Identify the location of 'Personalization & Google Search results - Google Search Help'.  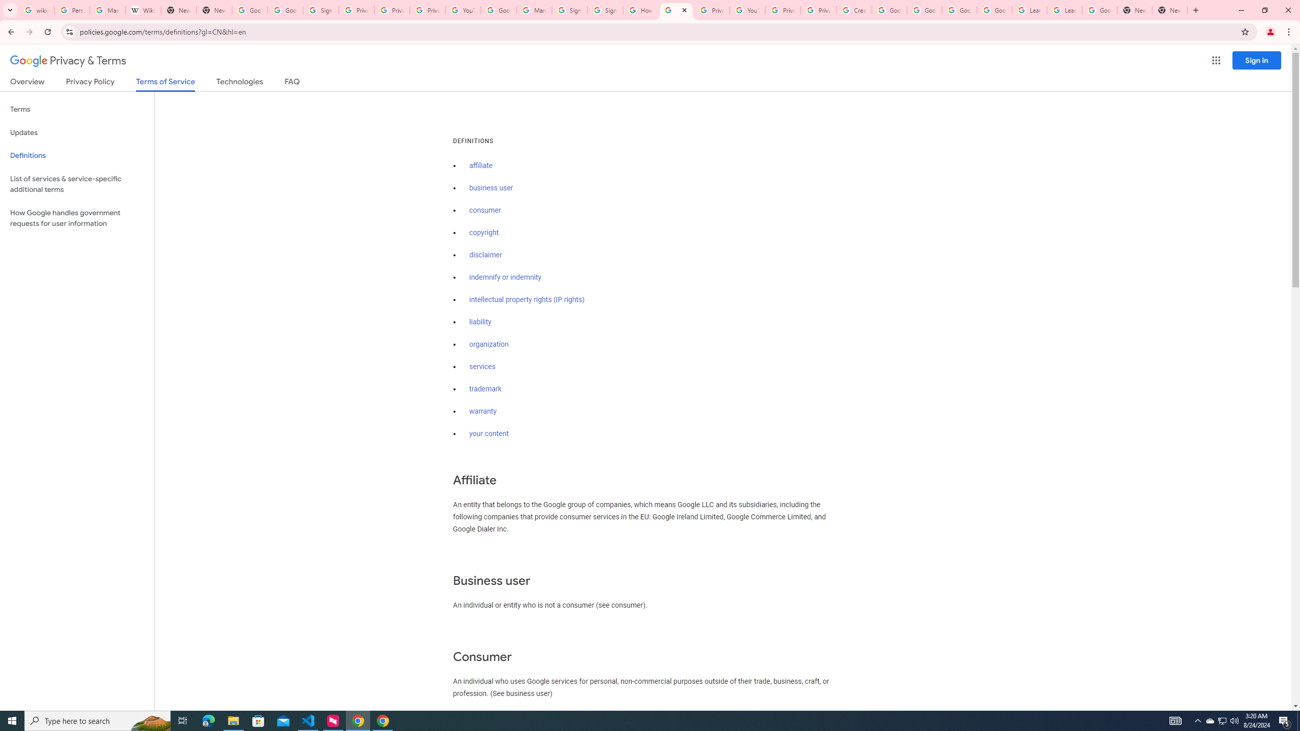
(72, 10).